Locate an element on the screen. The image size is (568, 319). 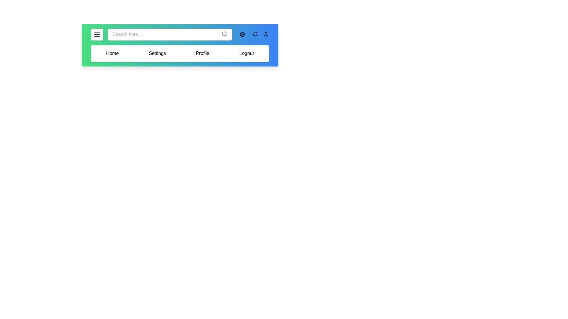
the notification bell icon is located at coordinates (255, 34).